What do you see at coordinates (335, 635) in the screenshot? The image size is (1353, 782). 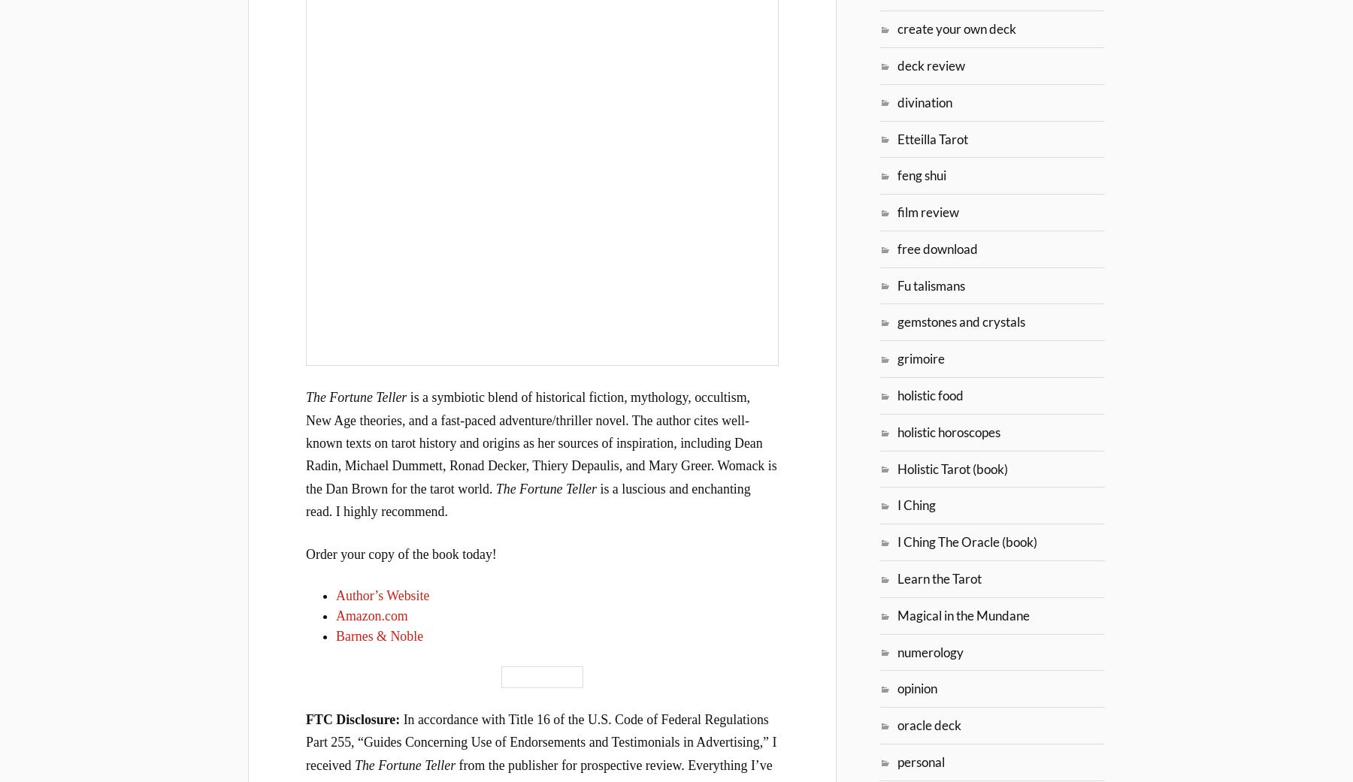 I see `'Barnes & Noble'` at bounding box center [335, 635].